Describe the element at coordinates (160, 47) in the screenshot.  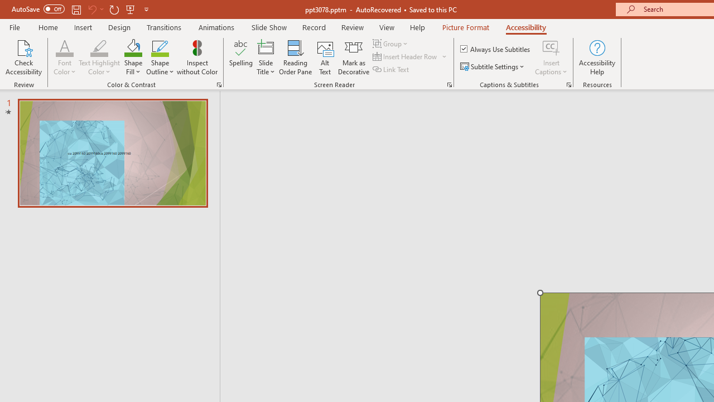
I see `'Shape Outline Green, Accent 1'` at that location.